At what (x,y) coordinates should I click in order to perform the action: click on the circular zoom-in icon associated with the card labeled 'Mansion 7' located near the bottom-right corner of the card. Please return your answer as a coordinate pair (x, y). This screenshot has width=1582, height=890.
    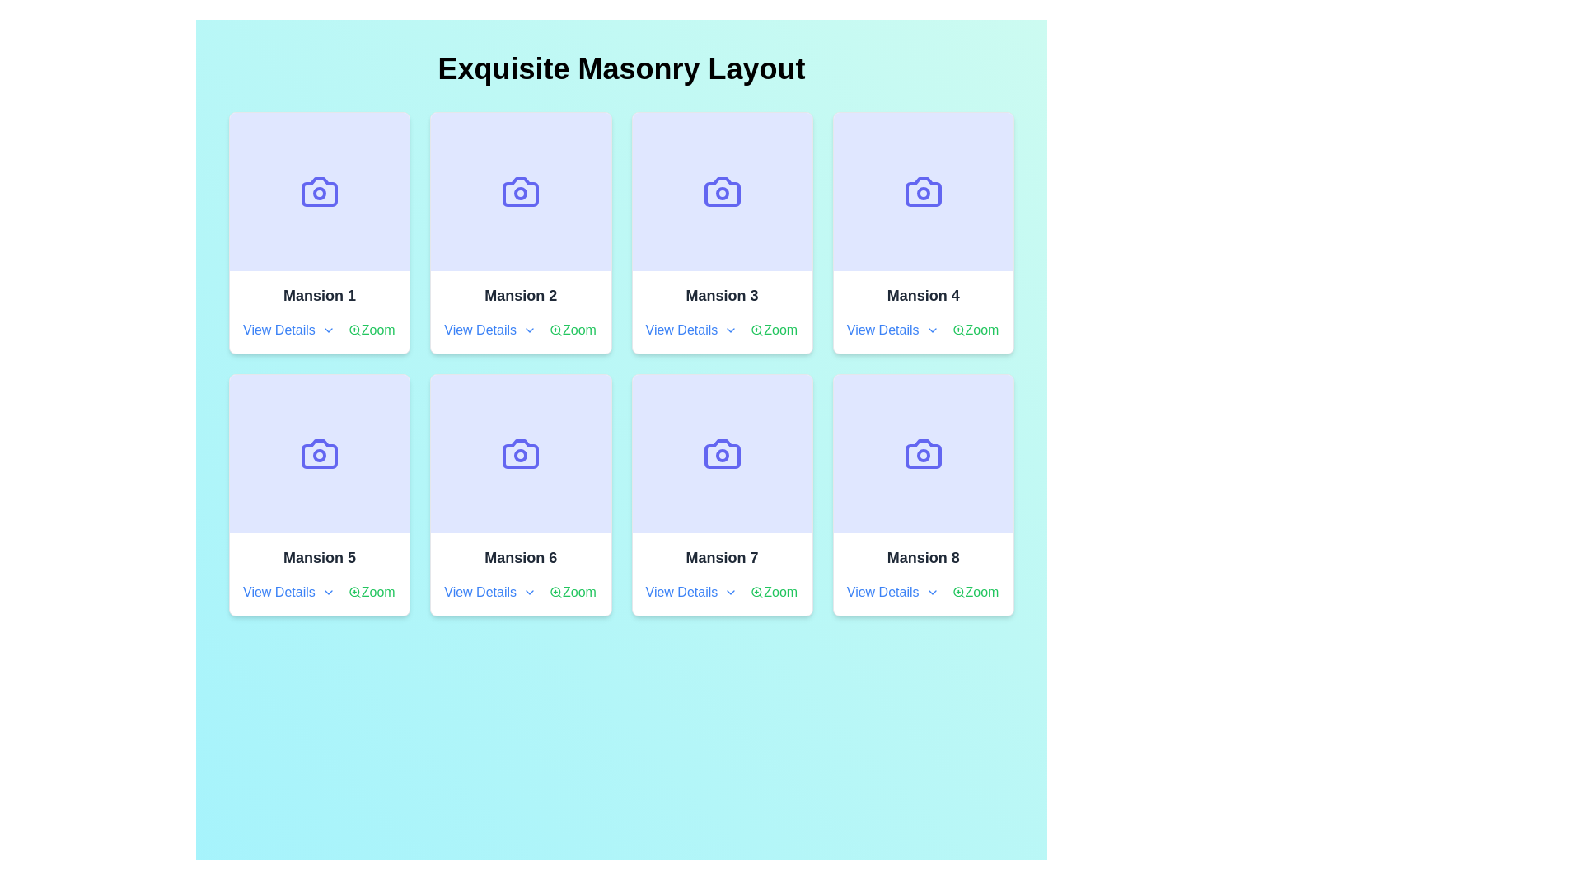
    Looking at the image, I should click on (756, 591).